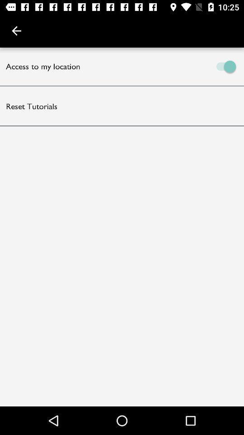 The image size is (244, 435). Describe the element at coordinates (183, 66) in the screenshot. I see `location permission` at that location.